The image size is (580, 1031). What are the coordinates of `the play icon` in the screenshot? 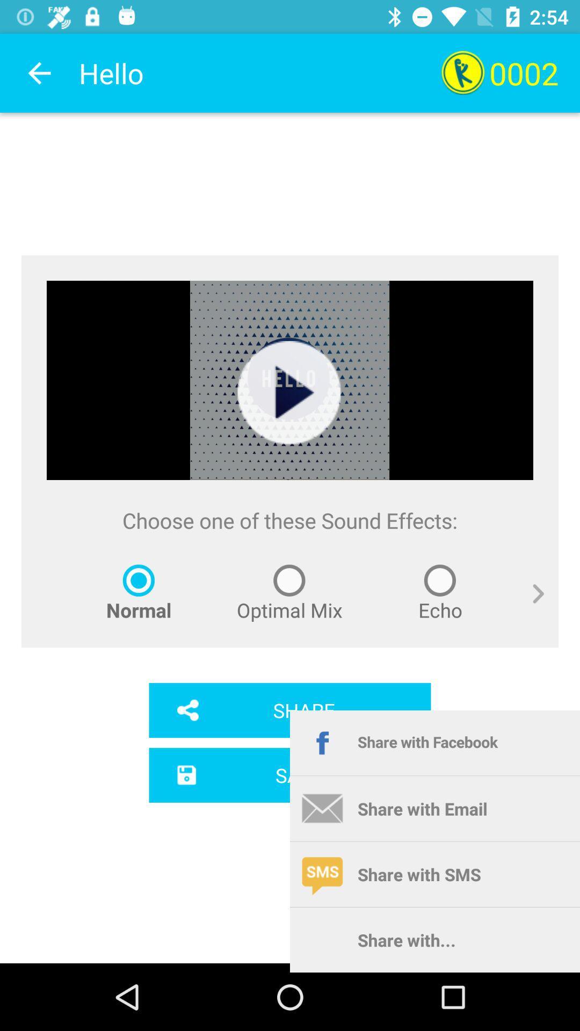 It's located at (289, 393).